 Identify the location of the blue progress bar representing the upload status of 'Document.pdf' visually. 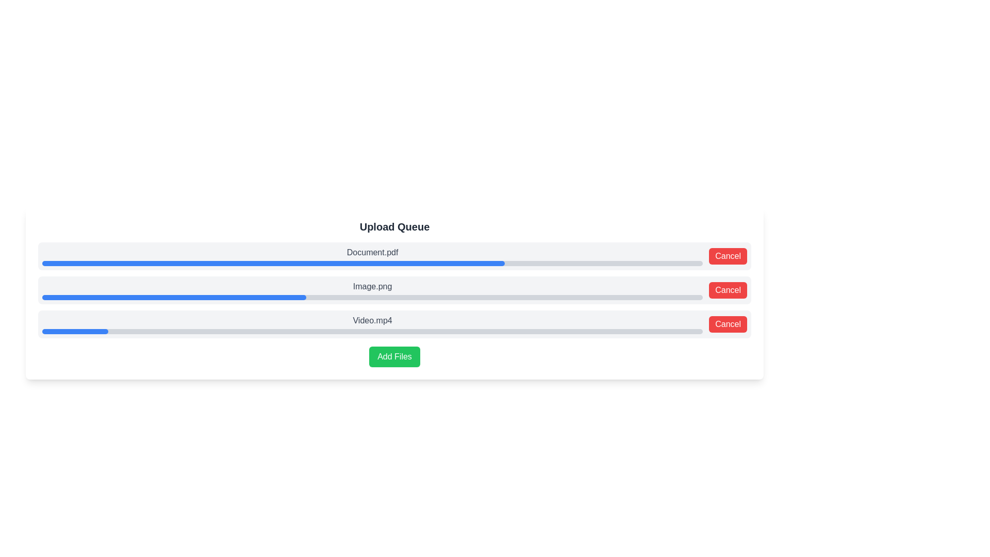
(273, 263).